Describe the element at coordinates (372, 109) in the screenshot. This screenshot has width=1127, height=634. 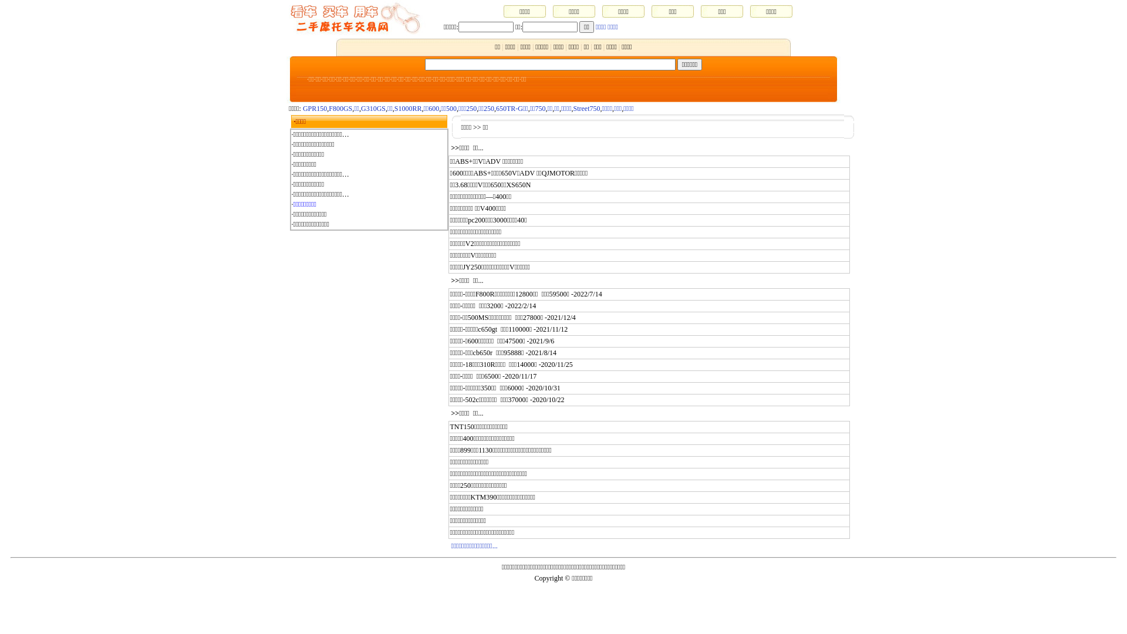
I see `'G310GS'` at that location.